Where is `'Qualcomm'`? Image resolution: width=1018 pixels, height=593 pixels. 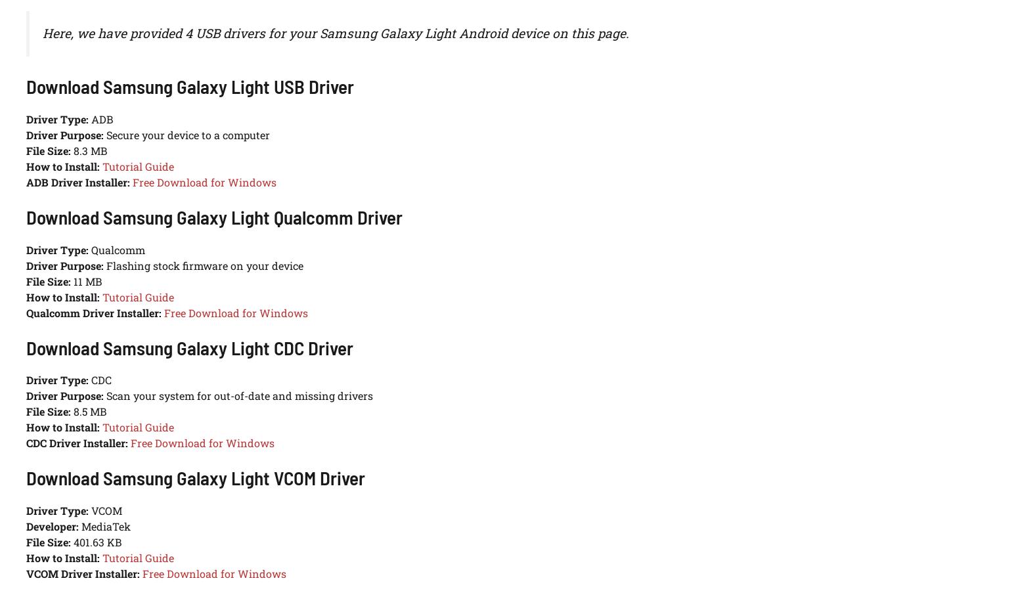 'Qualcomm' is located at coordinates (89, 249).